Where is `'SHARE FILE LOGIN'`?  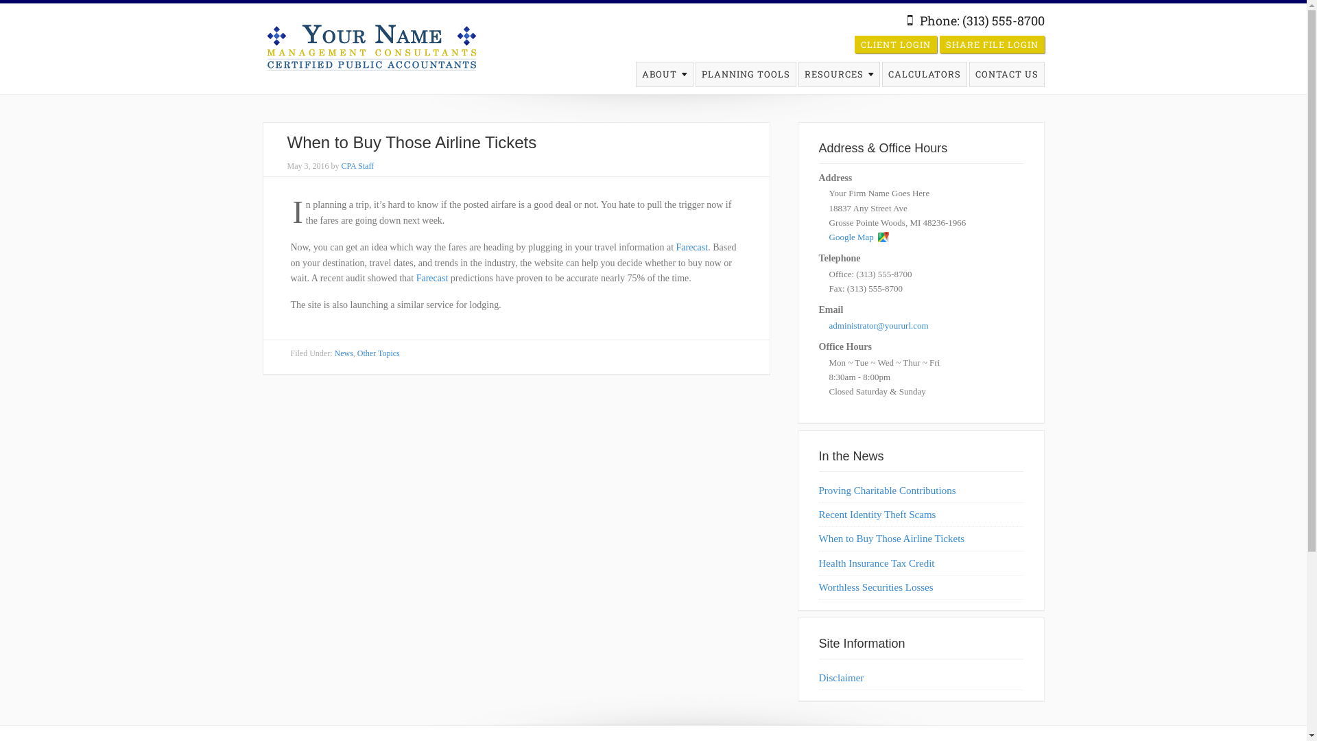
'SHARE FILE LOGIN' is located at coordinates (992, 44).